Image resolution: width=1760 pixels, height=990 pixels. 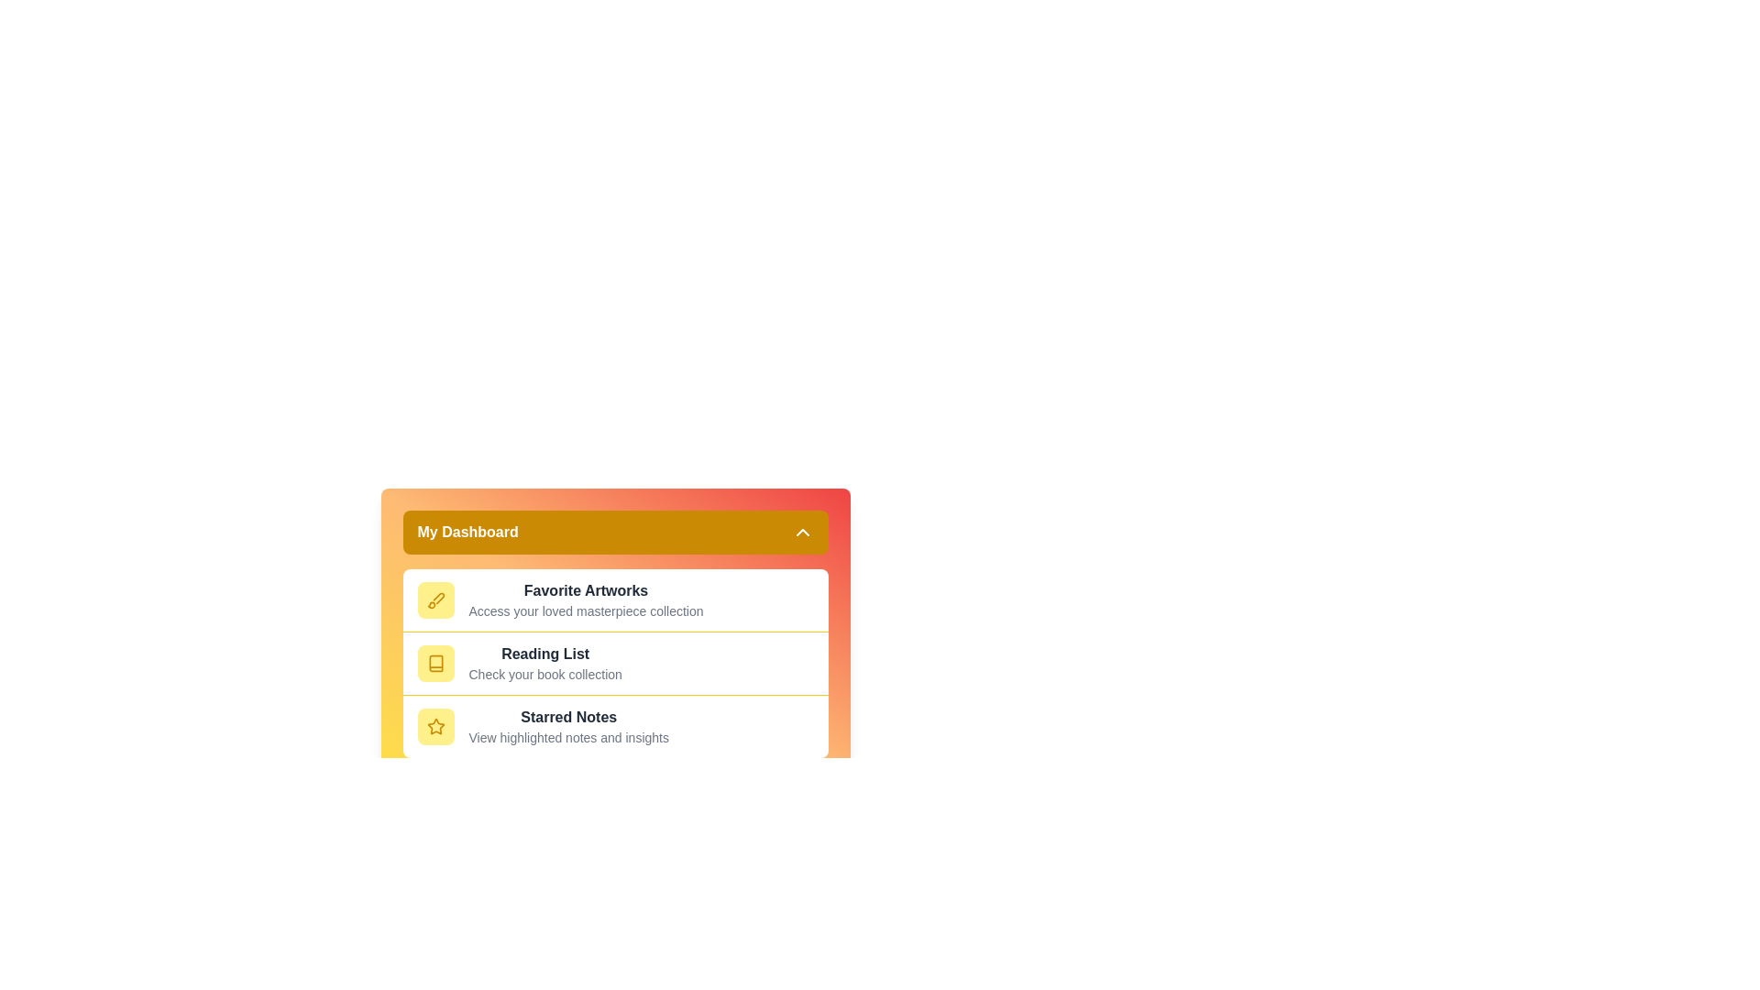 What do you see at coordinates (615, 600) in the screenshot?
I see `the 'Favorite Artworks' list item, which is the first entry below 'My Dashboard' and features a yellow painter's brush icon` at bounding box center [615, 600].